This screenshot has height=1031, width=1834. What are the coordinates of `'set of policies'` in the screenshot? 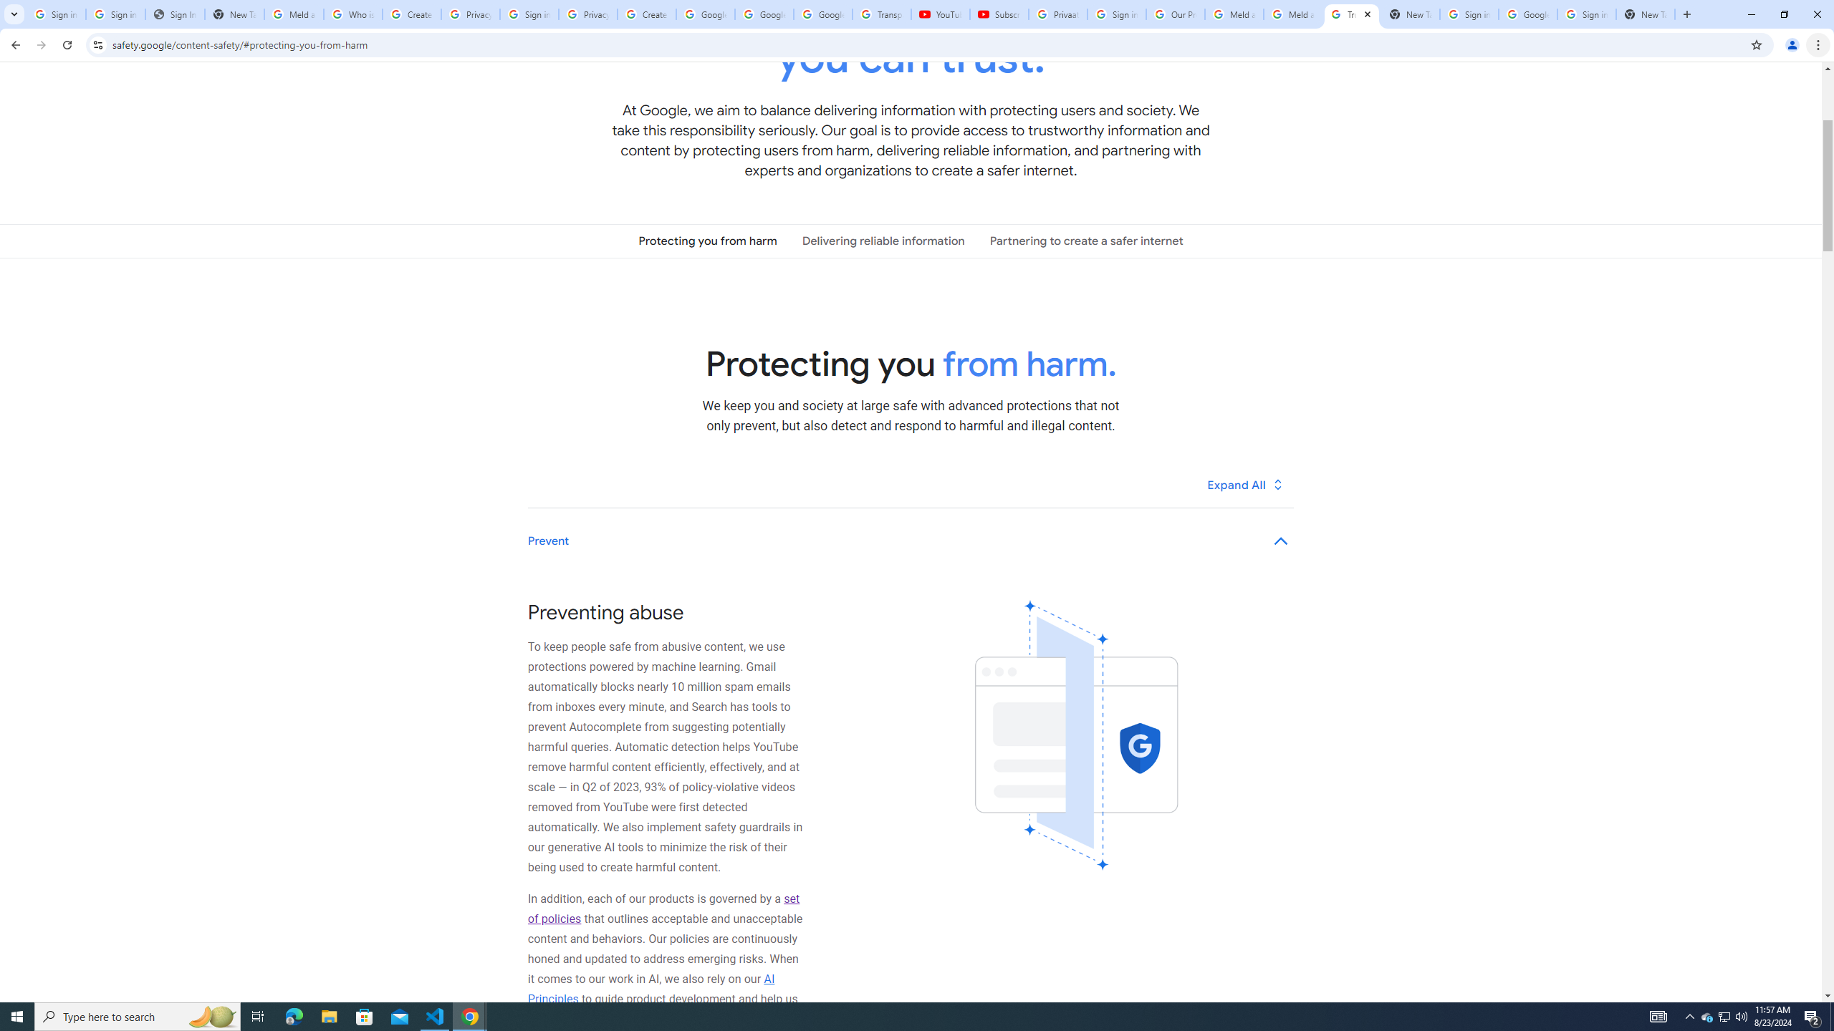 It's located at (663, 908).